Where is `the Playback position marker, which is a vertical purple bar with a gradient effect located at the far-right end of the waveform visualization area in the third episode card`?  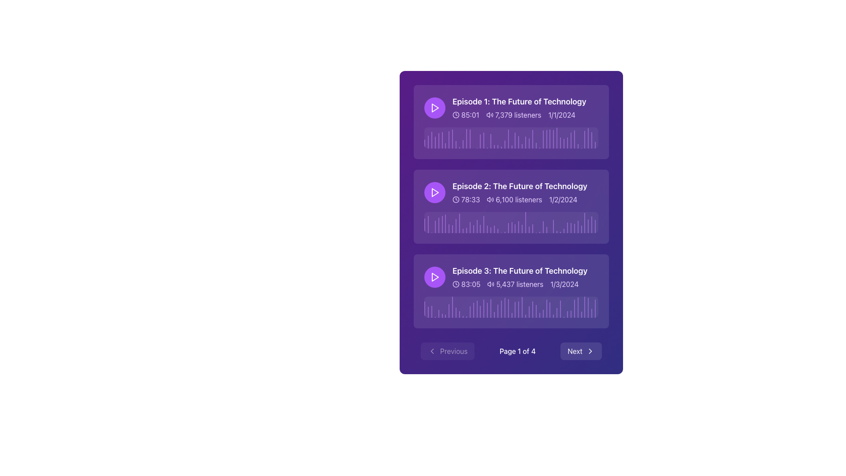
the Playback position marker, which is a vertical purple bar with a gradient effect located at the far-right end of the waveform visualization area in the third episode card is located at coordinates (585, 307).